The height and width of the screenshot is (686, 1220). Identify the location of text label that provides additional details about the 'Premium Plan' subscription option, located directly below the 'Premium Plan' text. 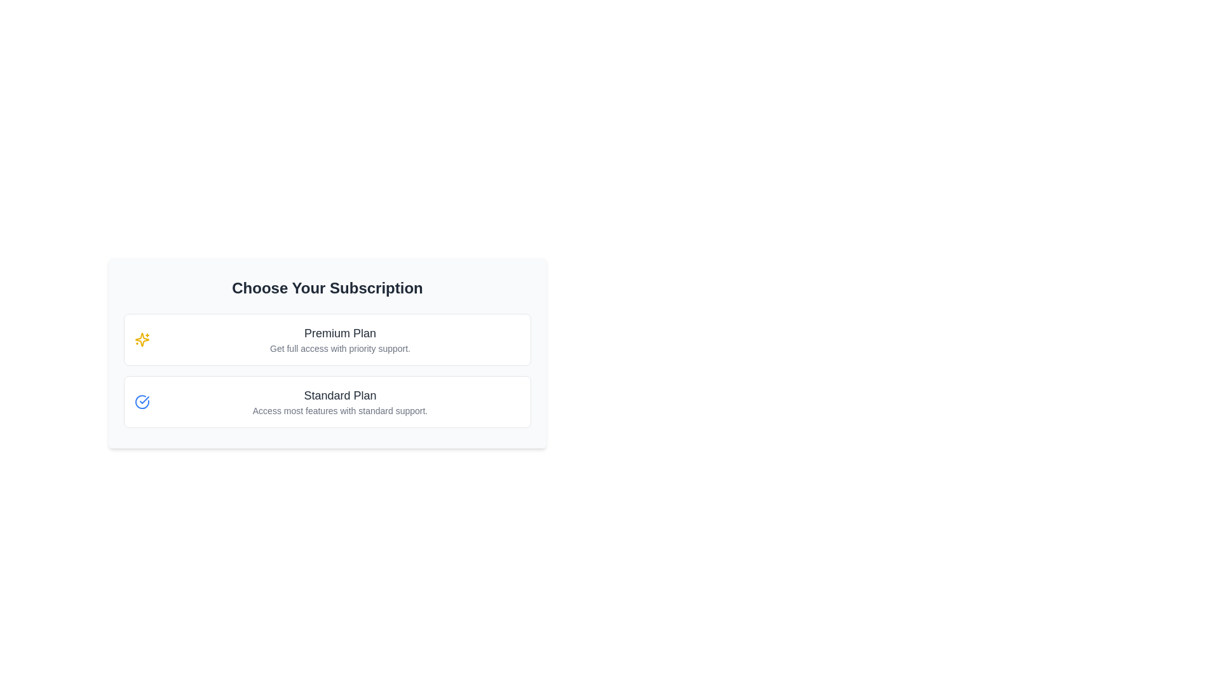
(340, 348).